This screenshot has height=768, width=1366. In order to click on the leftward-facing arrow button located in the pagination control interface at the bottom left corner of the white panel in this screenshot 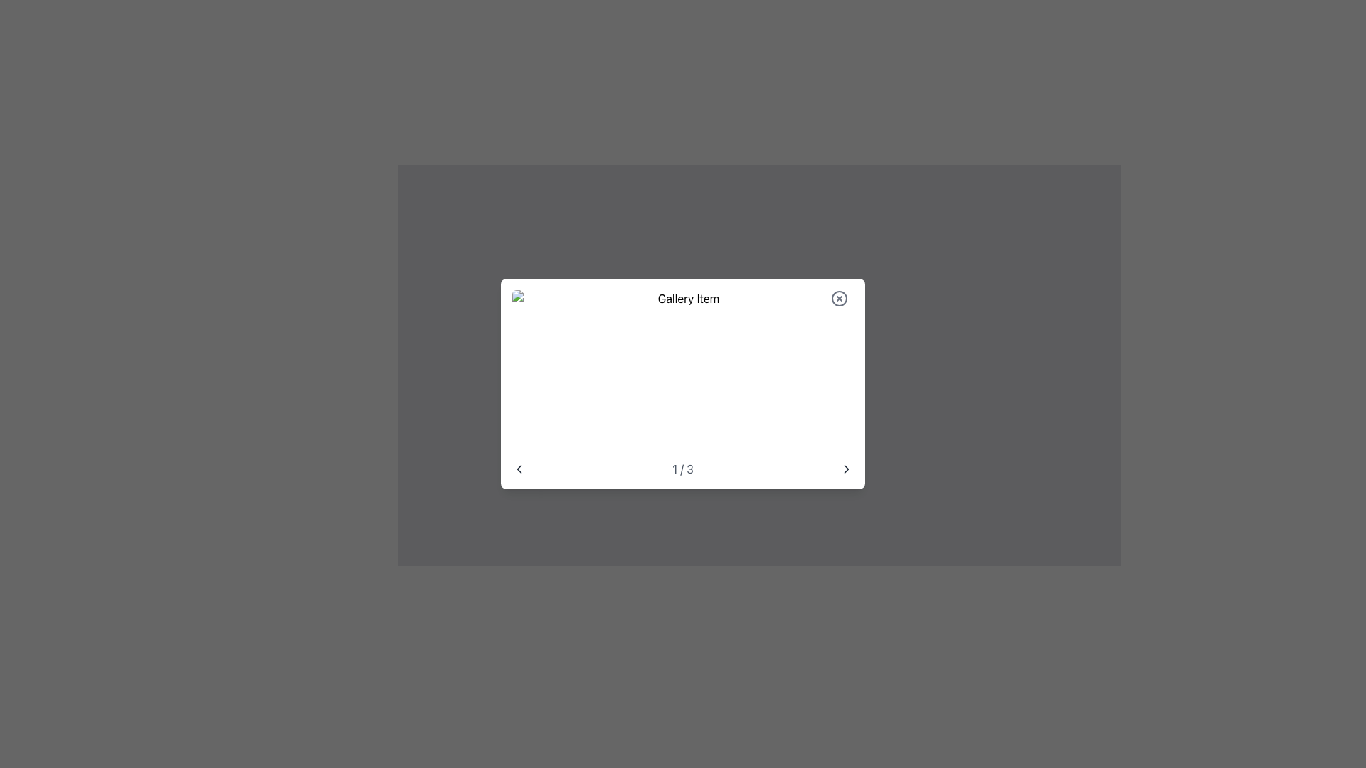, I will do `click(518, 469)`.